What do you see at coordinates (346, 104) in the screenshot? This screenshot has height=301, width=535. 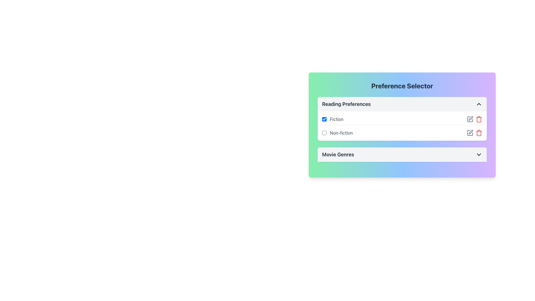 I see `the Text Label (Static) that serves as a title for the reading preferences section, located within the horizontal bar with a light gray background` at bounding box center [346, 104].